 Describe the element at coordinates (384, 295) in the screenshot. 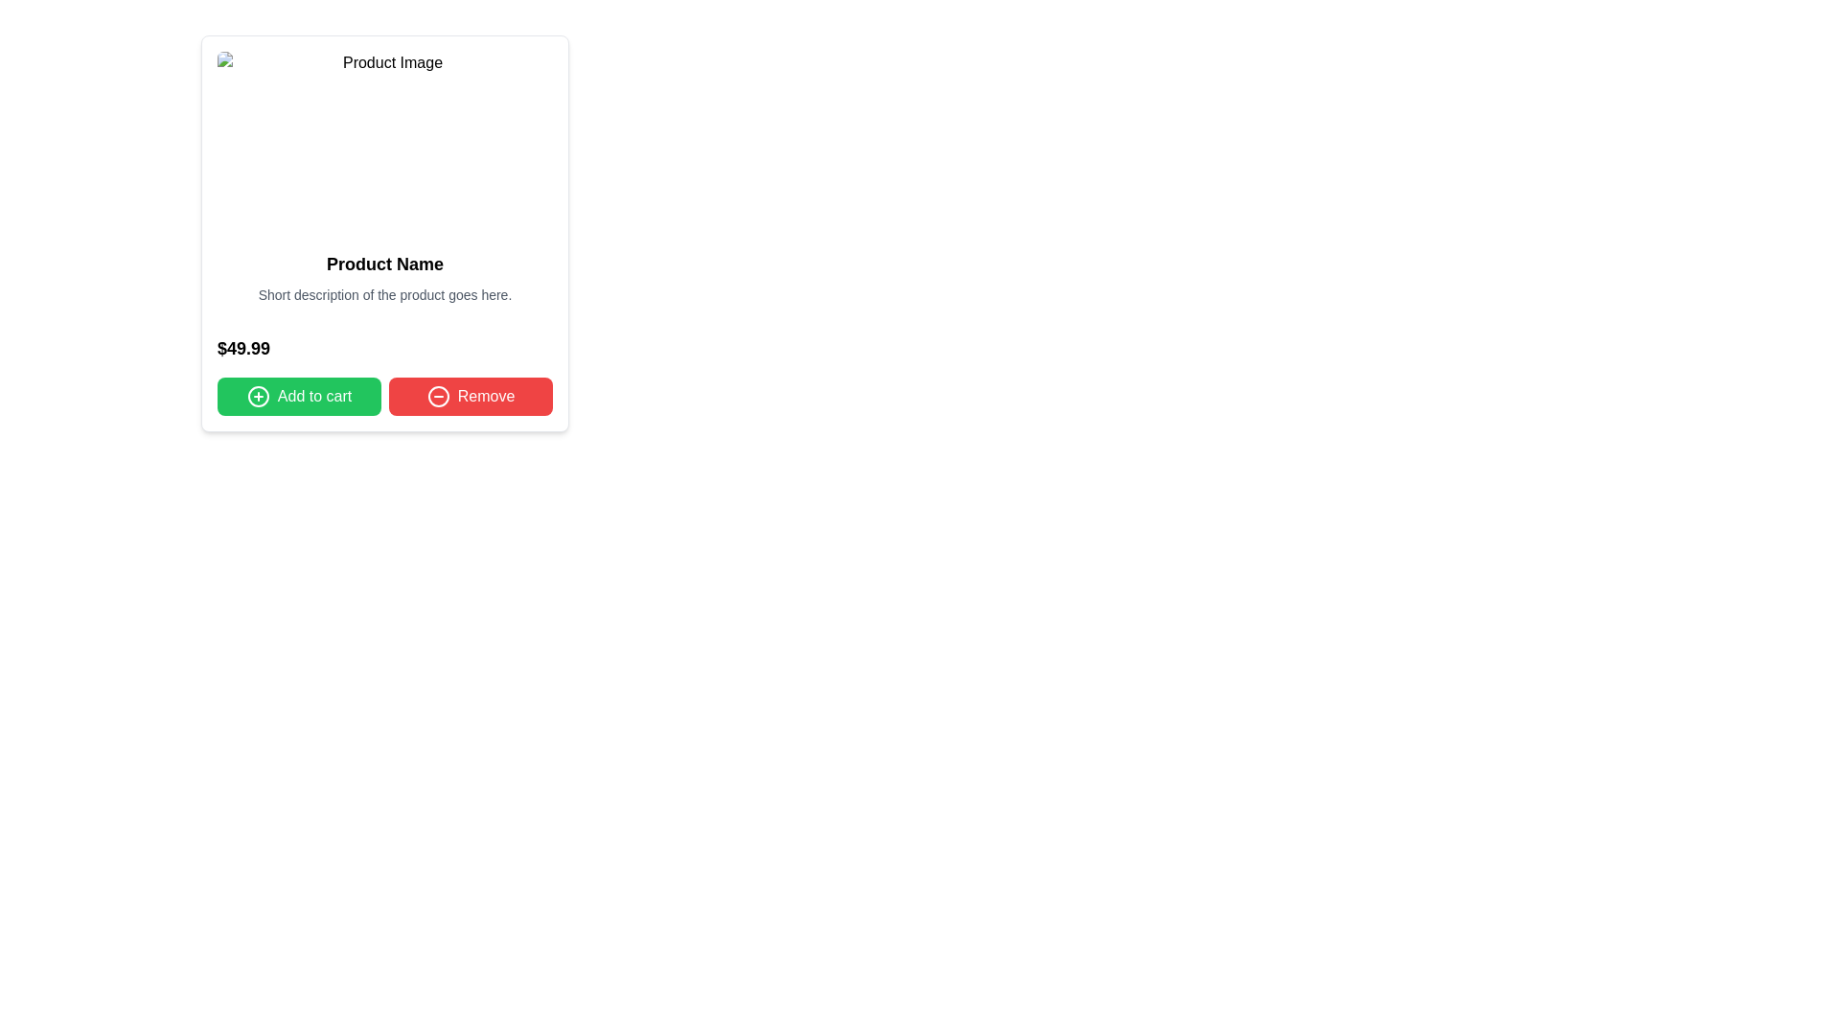

I see `text label that displays 'Short description of the product goes here.' located below the product title and above the price and action buttons` at that location.